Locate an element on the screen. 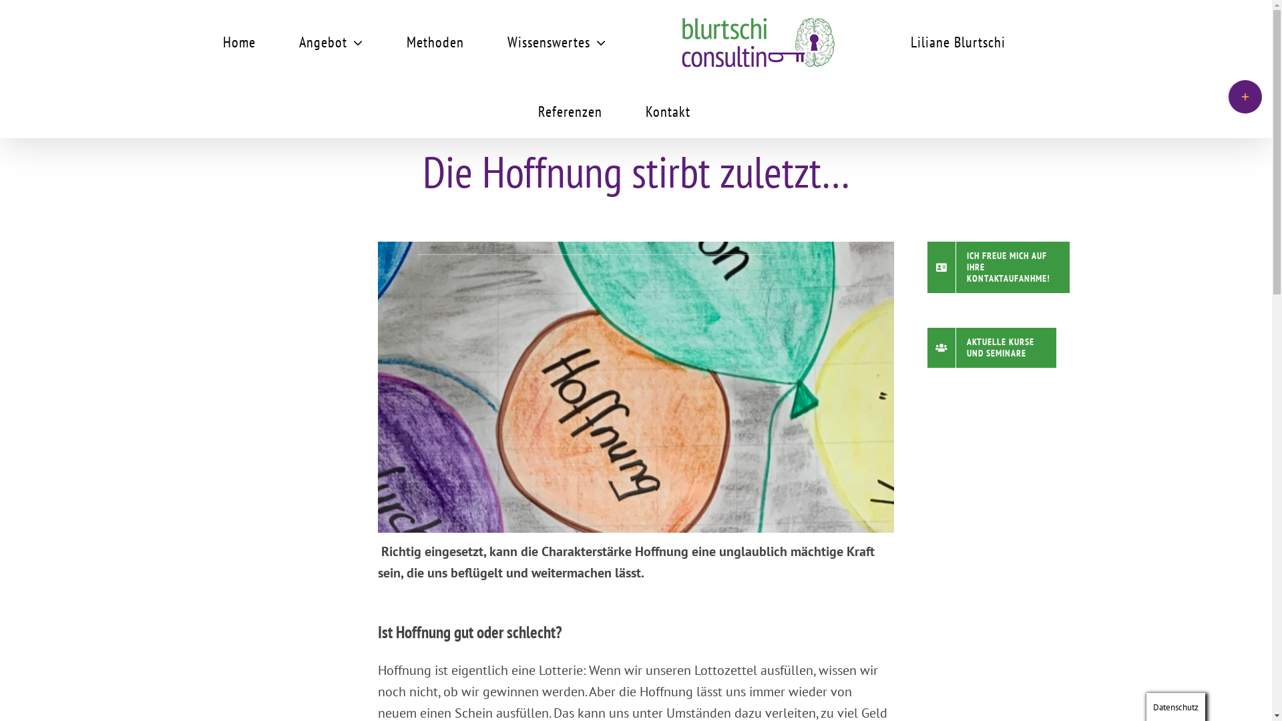  'Angebot' is located at coordinates (331, 40).